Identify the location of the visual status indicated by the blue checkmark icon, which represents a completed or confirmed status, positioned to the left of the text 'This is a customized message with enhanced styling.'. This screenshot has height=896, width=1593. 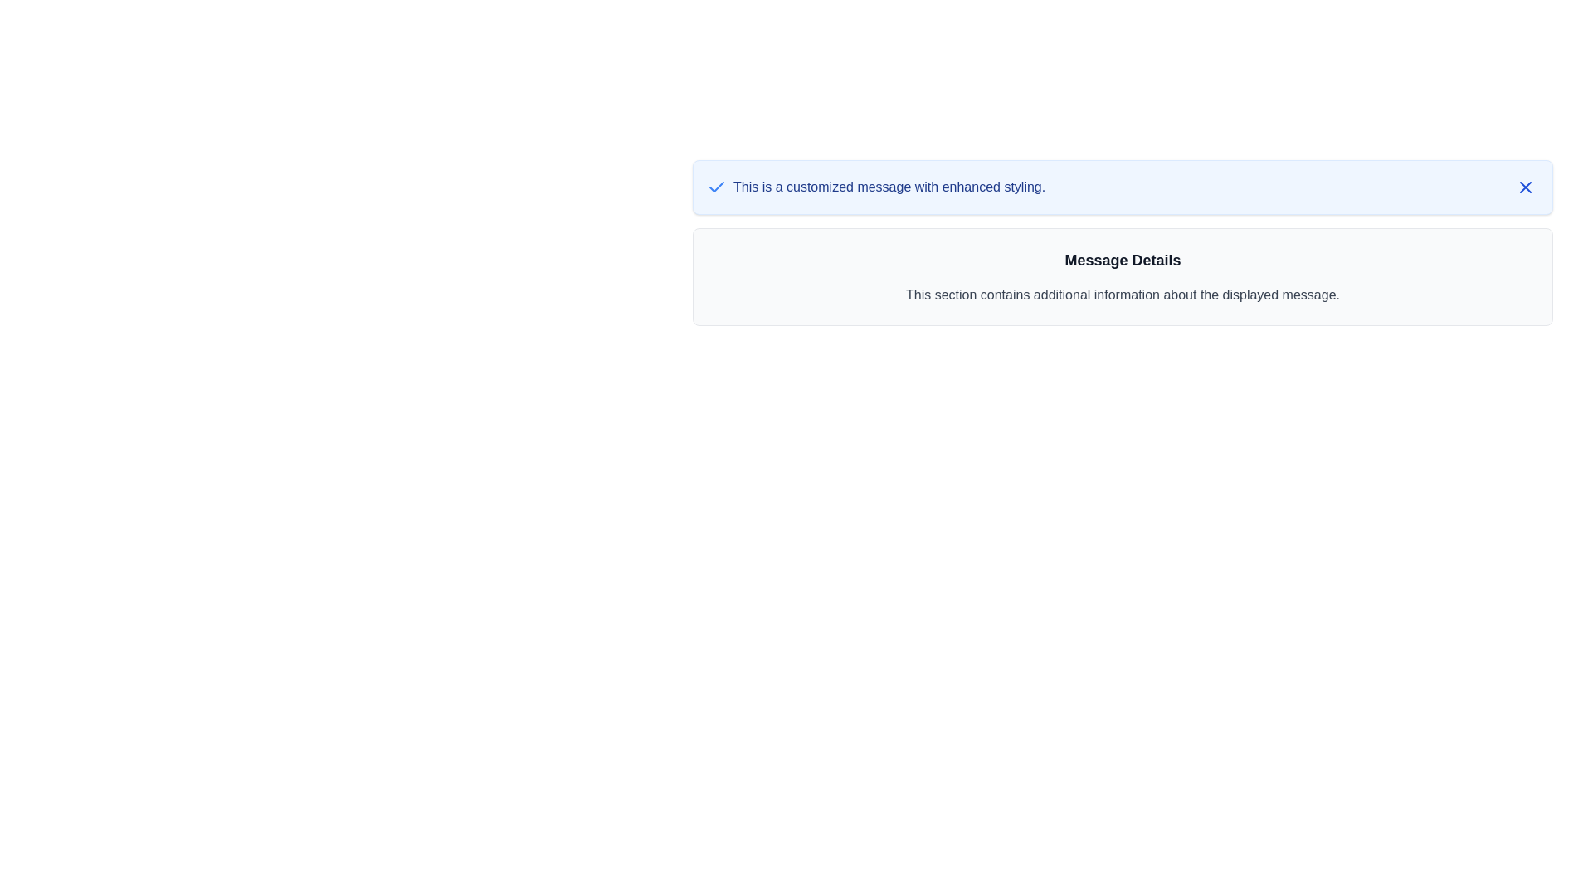
(717, 187).